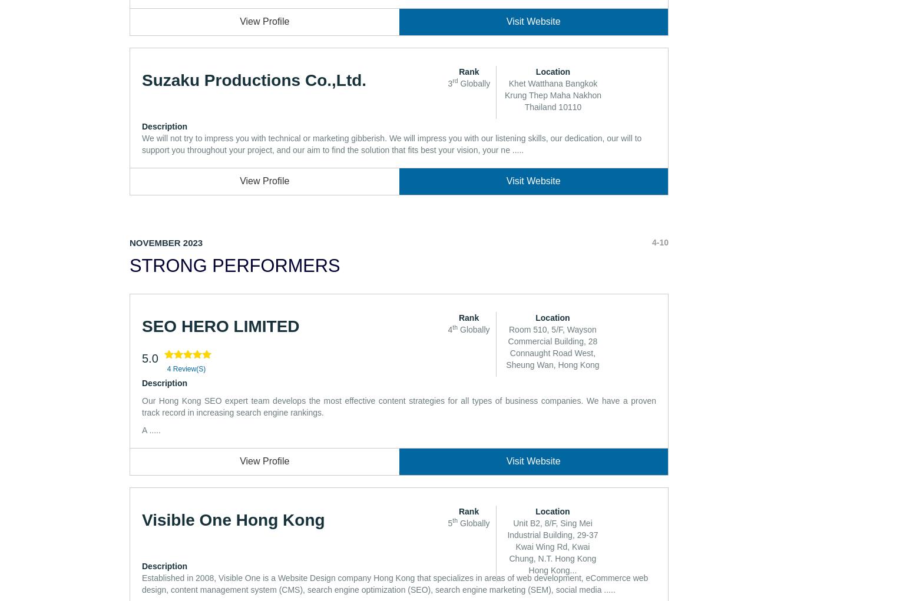  What do you see at coordinates (455, 81) in the screenshot?
I see `'rd'` at bounding box center [455, 81].